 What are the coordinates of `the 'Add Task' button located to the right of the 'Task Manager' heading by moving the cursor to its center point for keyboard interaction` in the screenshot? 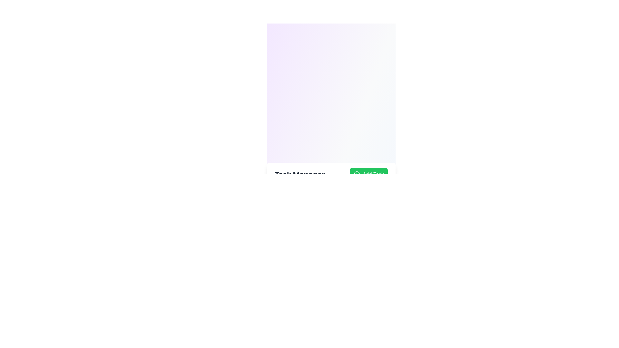 It's located at (368, 174).